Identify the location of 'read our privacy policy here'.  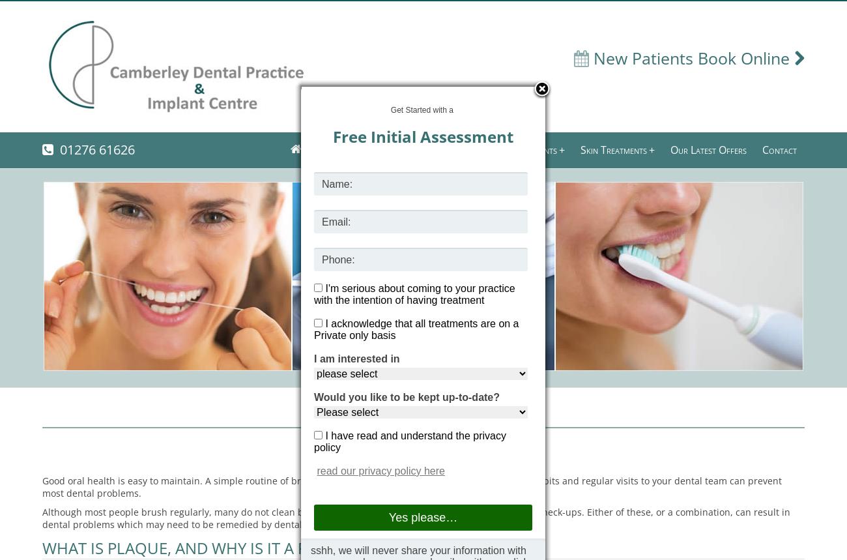
(380, 470).